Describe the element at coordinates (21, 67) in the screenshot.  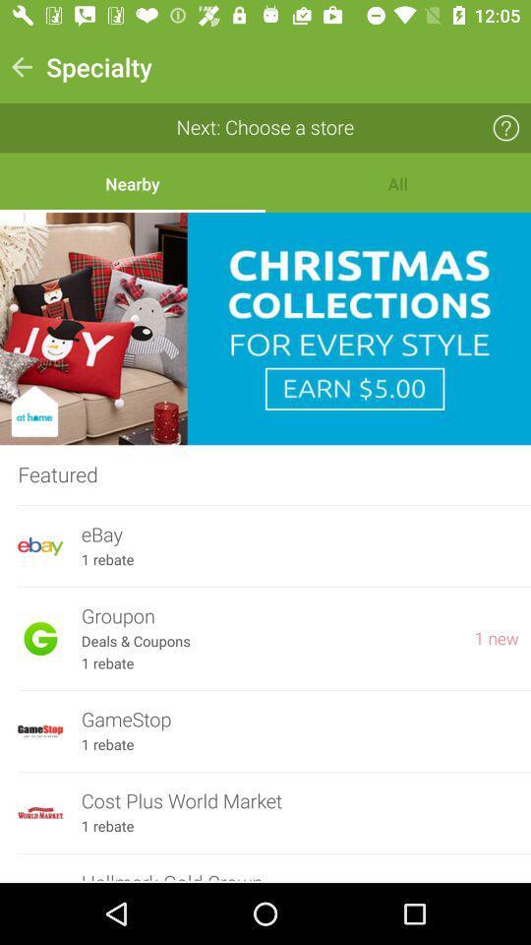
I see `the button on the top left corner of the web page` at that location.